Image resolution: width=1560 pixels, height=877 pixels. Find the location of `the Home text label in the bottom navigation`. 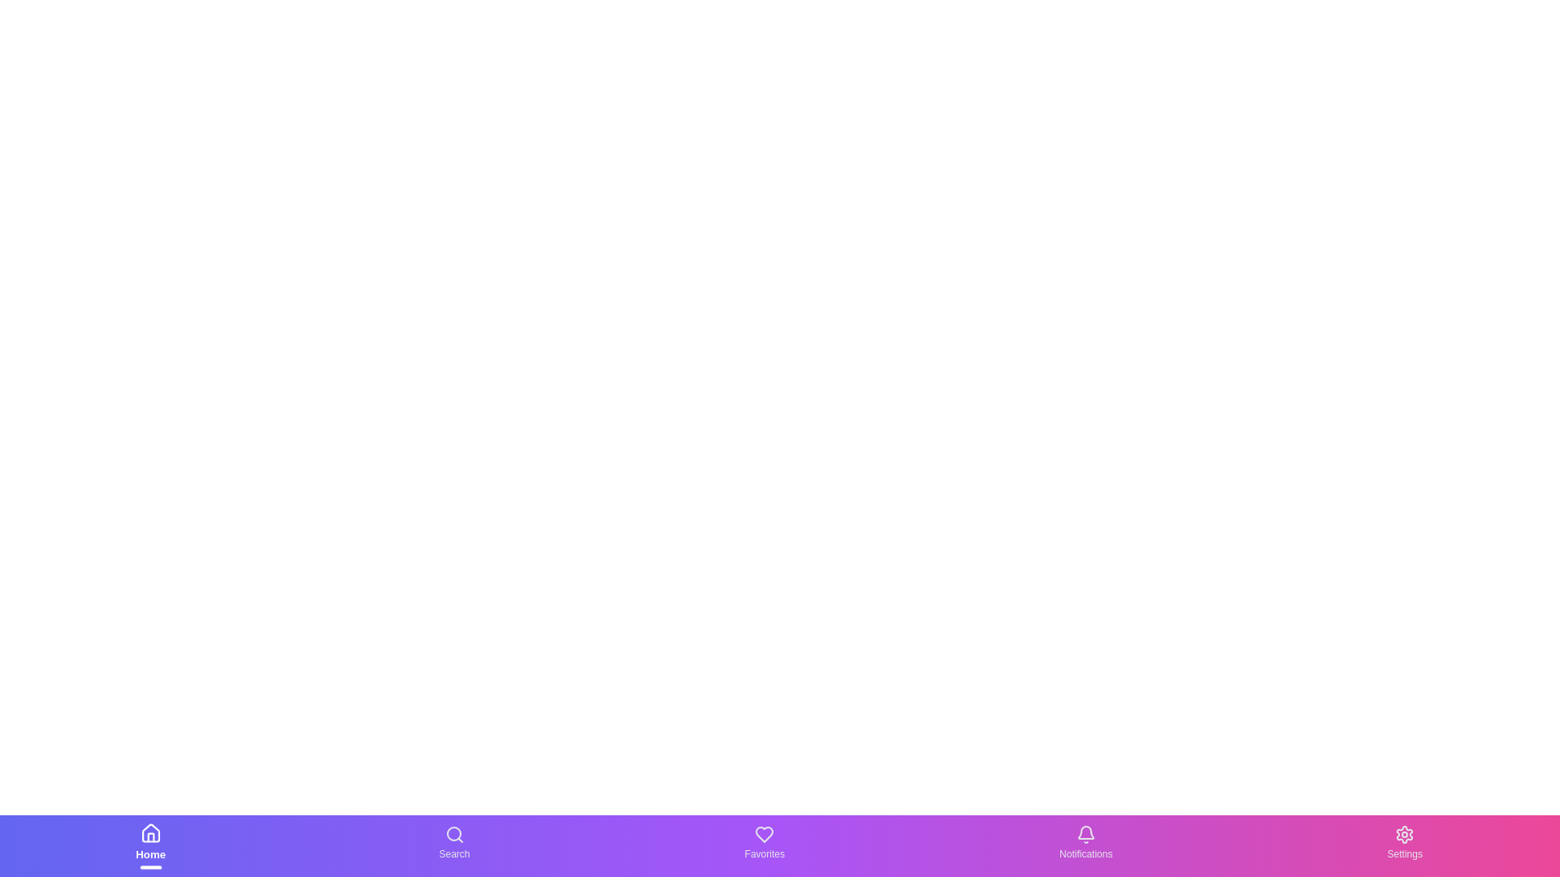

the Home text label in the bottom navigation is located at coordinates (150, 845).